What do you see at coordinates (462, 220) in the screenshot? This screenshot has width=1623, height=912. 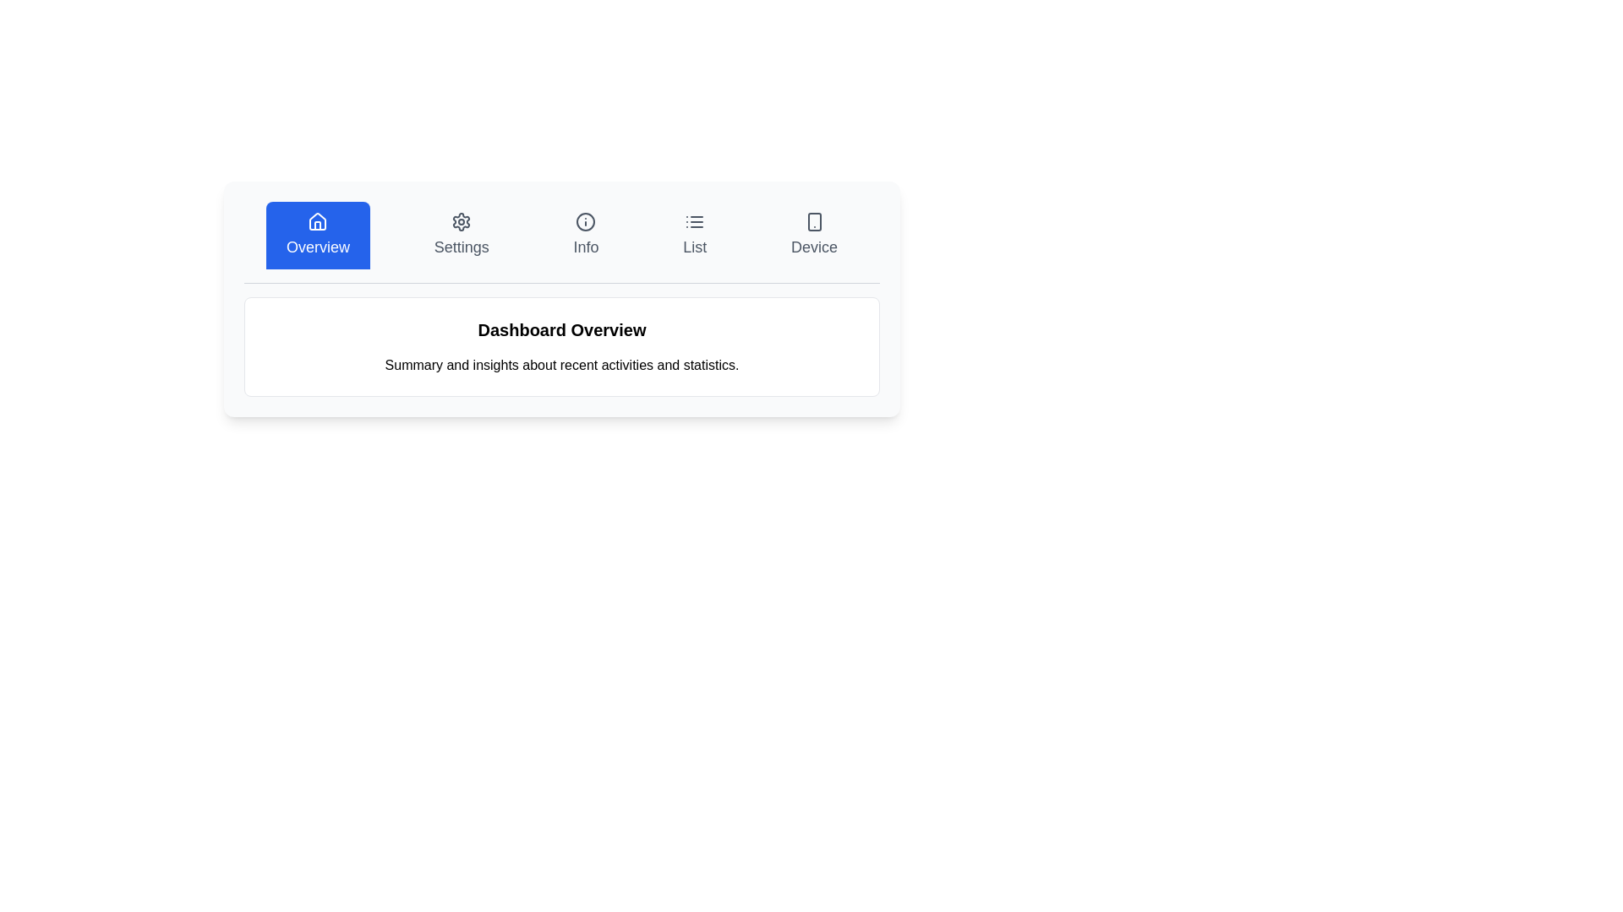 I see `the gear-shaped icon located within the settings button section of the navigation bar` at bounding box center [462, 220].